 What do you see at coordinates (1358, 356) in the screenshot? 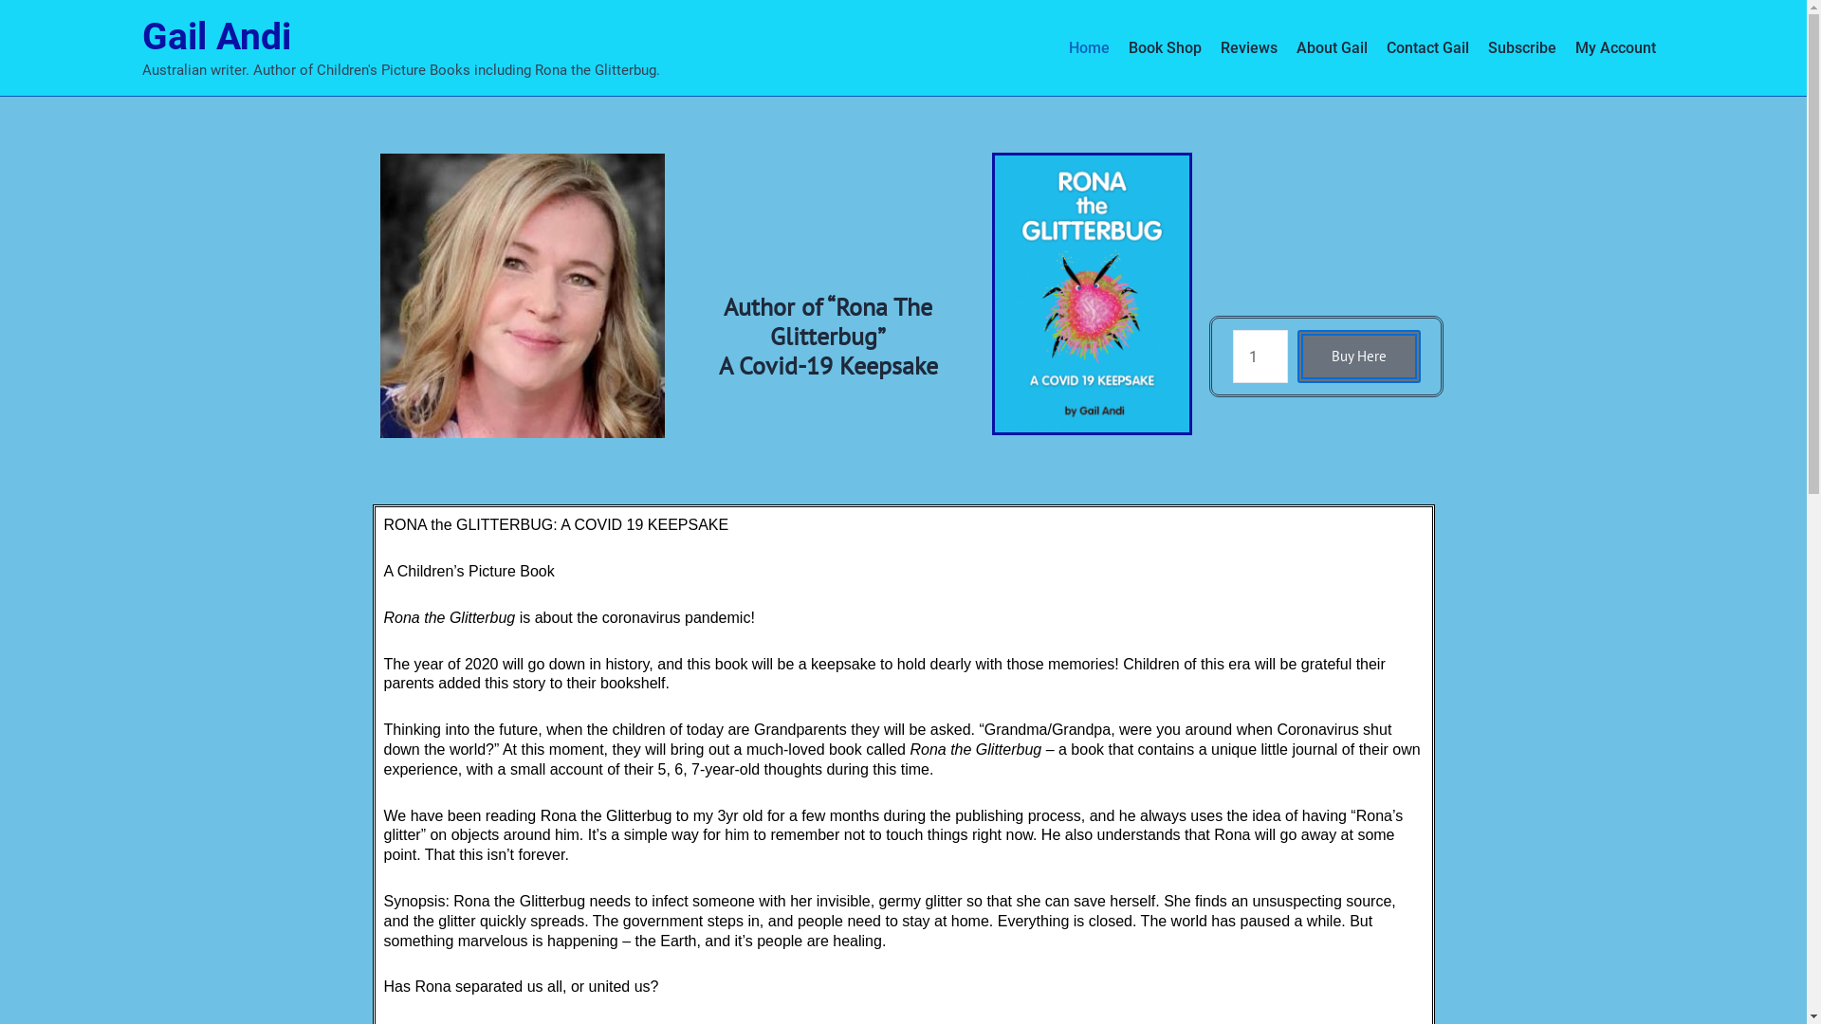
I see `'Buy Here'` at bounding box center [1358, 356].